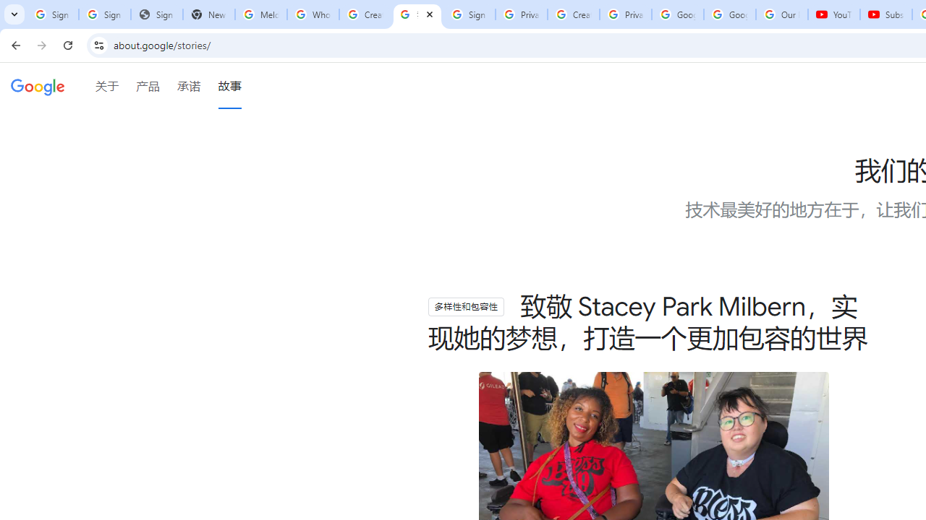 The width and height of the screenshot is (926, 520). What do you see at coordinates (52, 14) in the screenshot?
I see `'Sign in - Google Accounts'` at bounding box center [52, 14].